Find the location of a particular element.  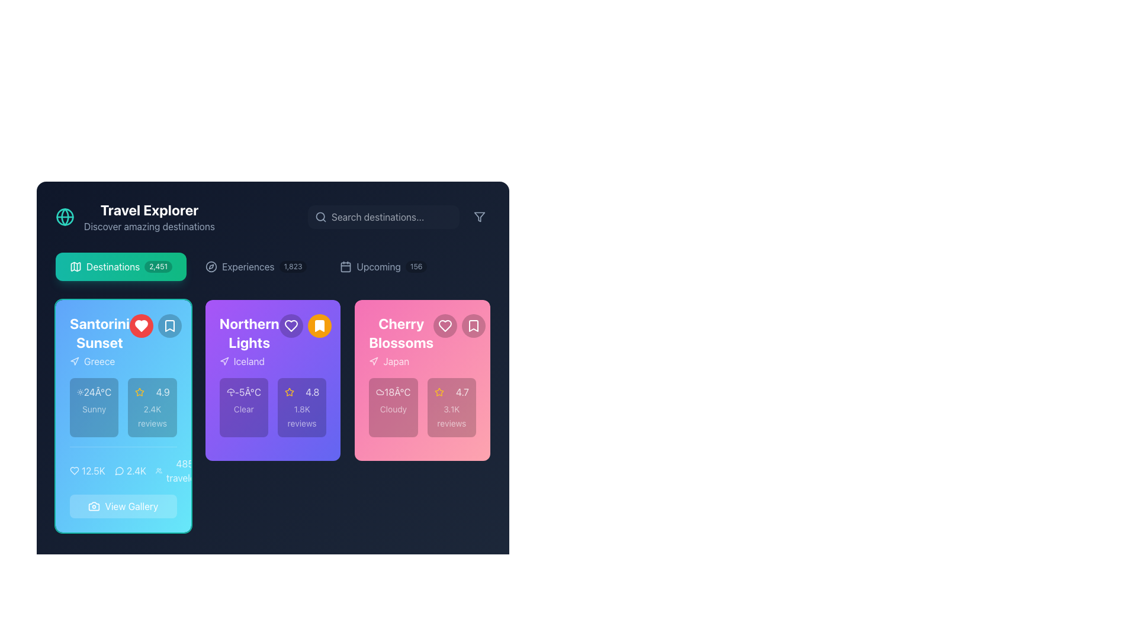

the static text label that informs the user about the number of reviews for the 'Northern Lights' destination, located below the '4.8' star rating and its associated star icon is located at coordinates (302, 415).